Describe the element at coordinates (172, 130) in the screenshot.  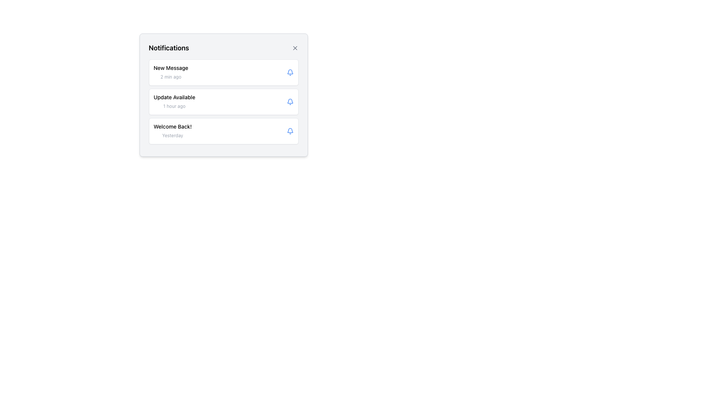
I see `greeting message and timestamp from the text block located in the bottommost card-like notification item of the vertical list` at that location.